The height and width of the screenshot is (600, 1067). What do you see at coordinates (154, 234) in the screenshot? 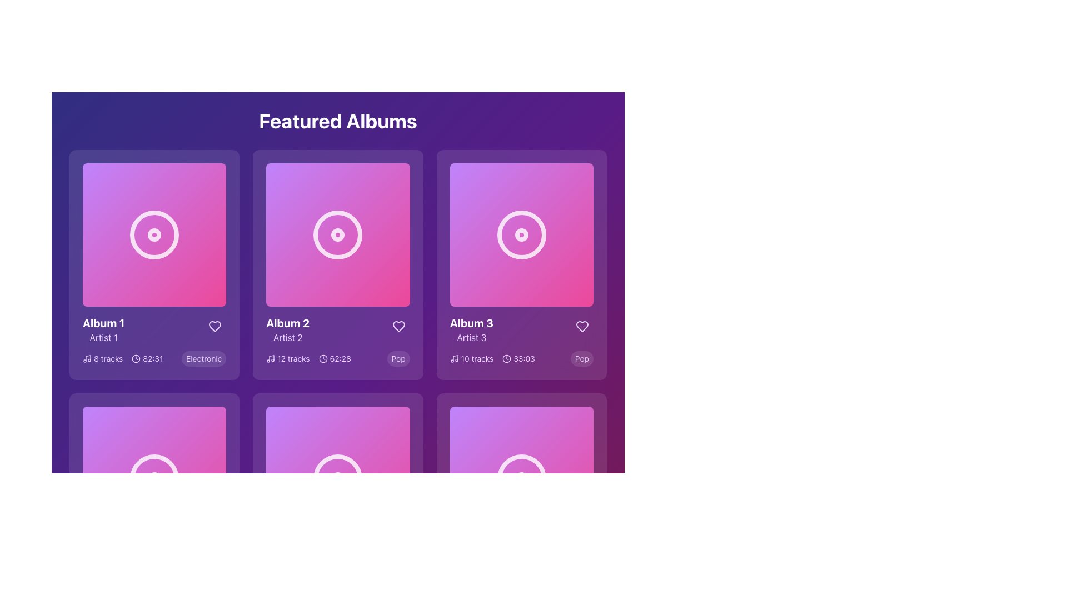
I see `the icon component, a circle within a larger circle, located at the center of the first album card titled 'Album 1'` at bounding box center [154, 234].